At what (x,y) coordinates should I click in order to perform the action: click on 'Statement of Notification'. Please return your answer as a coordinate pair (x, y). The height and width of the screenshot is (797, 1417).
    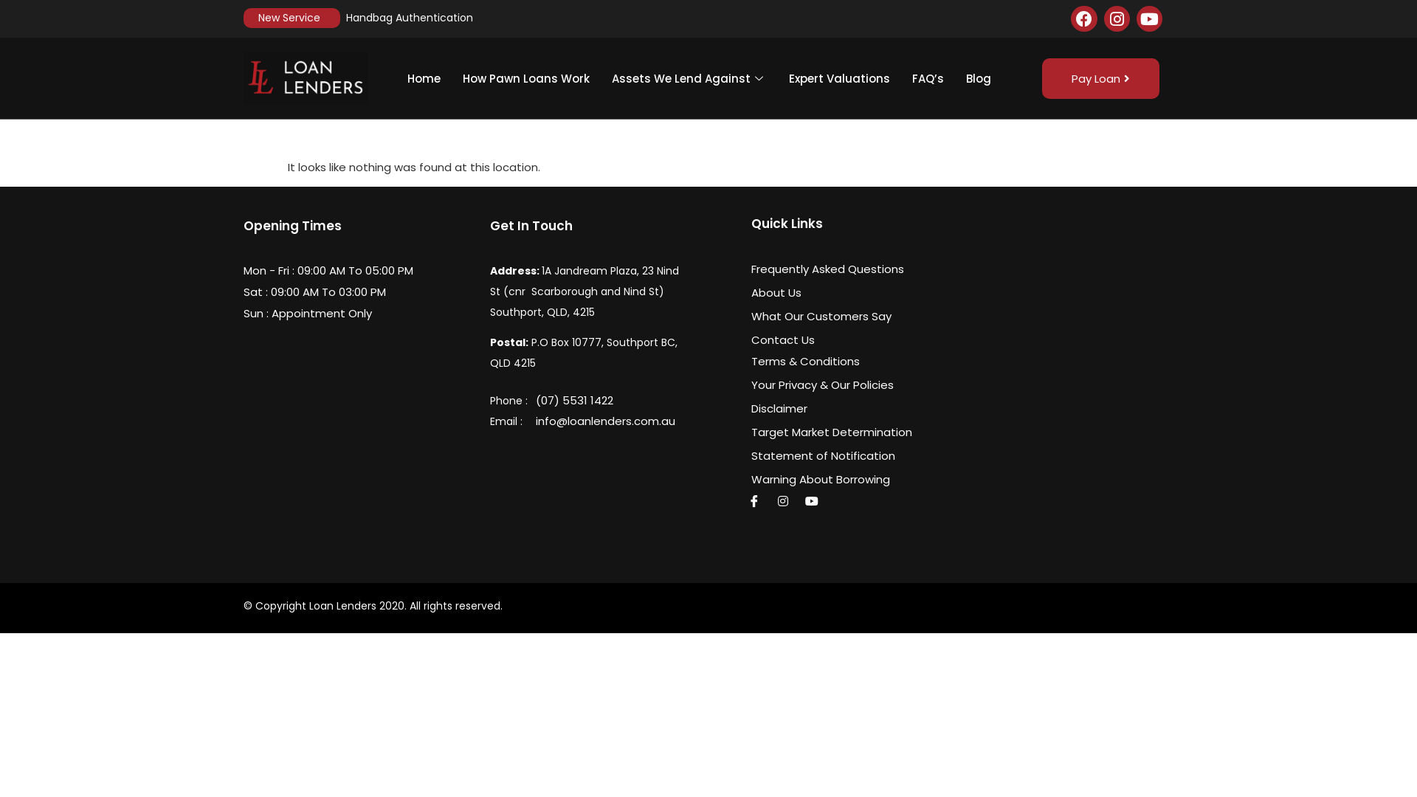
    Looking at the image, I should click on (842, 455).